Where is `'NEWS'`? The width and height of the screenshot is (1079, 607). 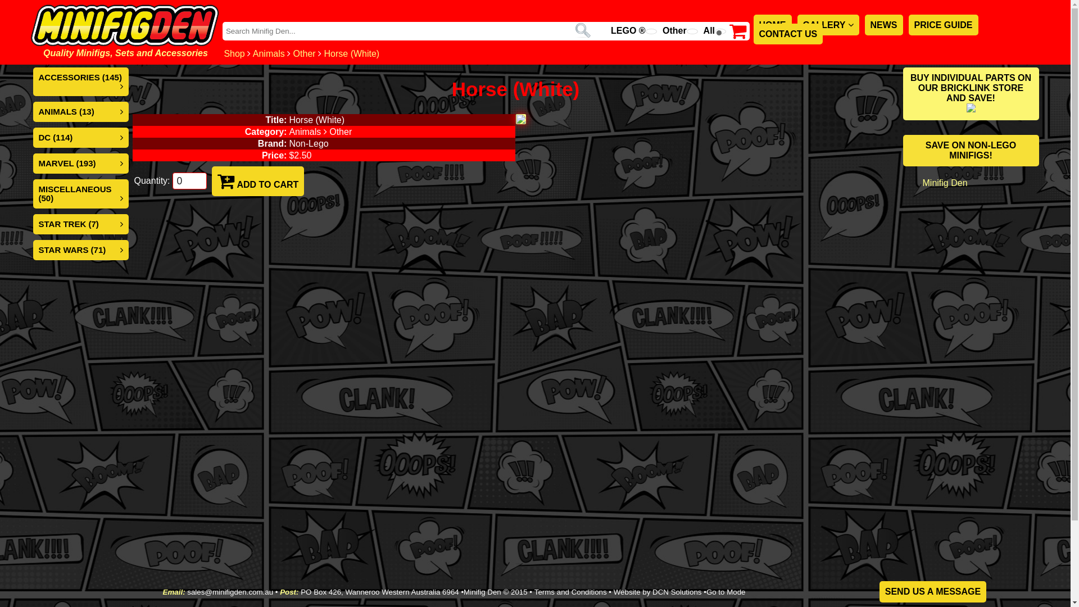
'NEWS' is located at coordinates (883, 25).